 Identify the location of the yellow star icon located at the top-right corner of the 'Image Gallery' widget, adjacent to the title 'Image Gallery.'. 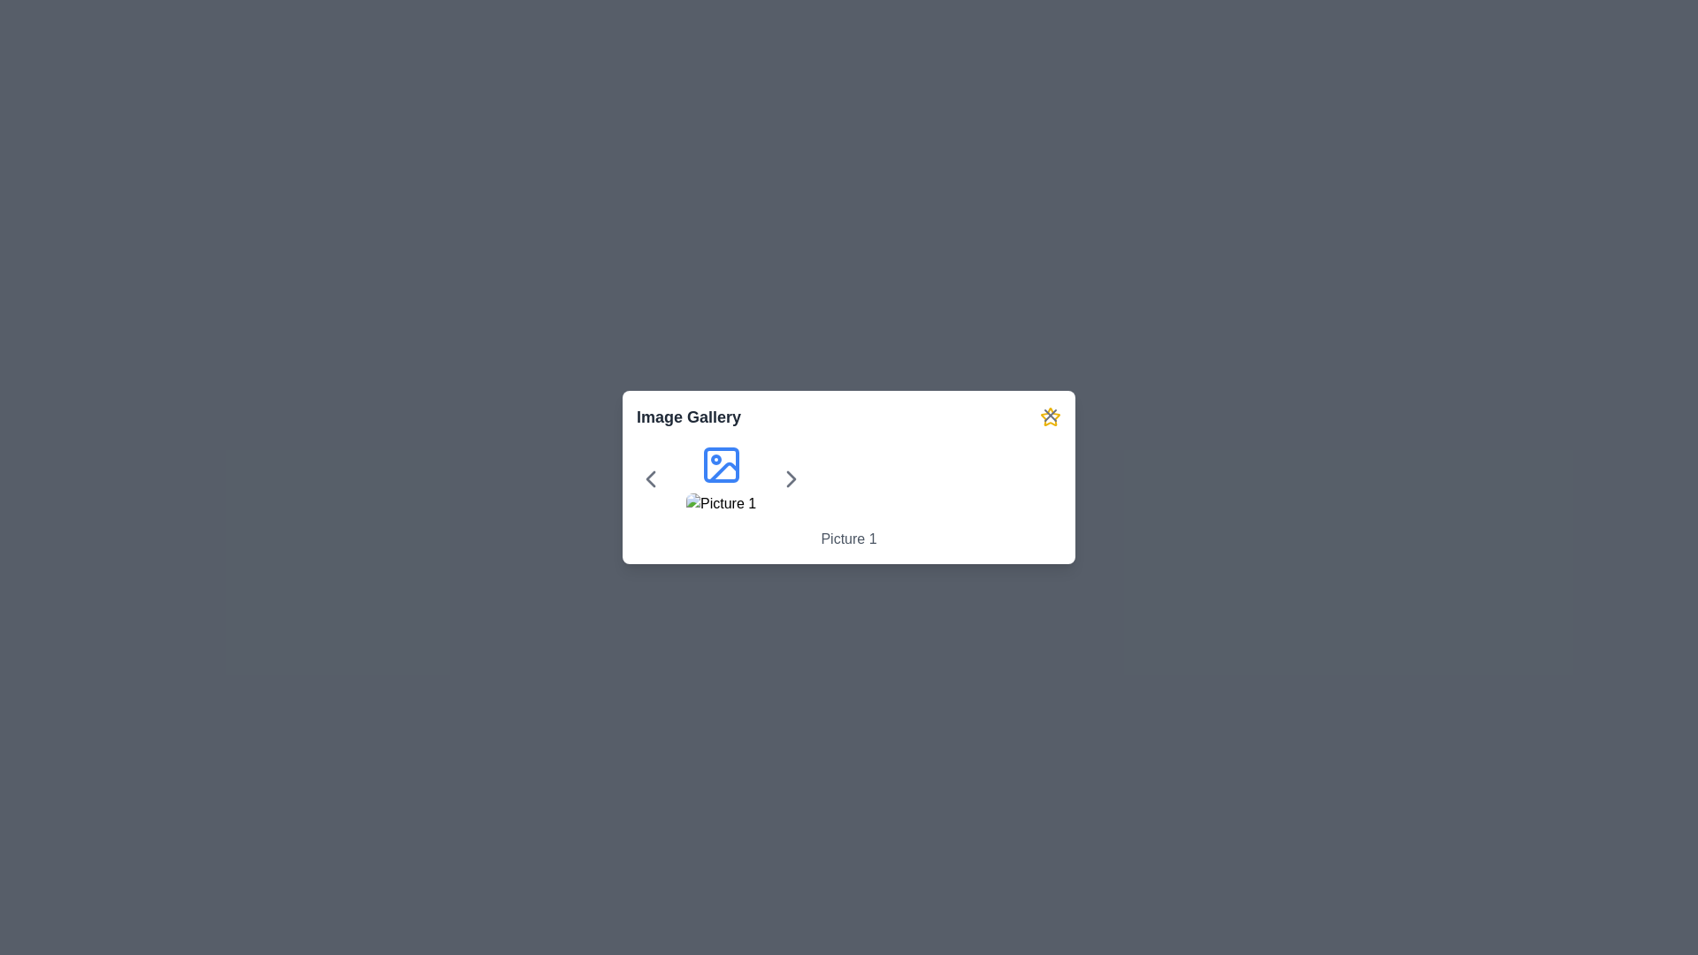
(1051, 416).